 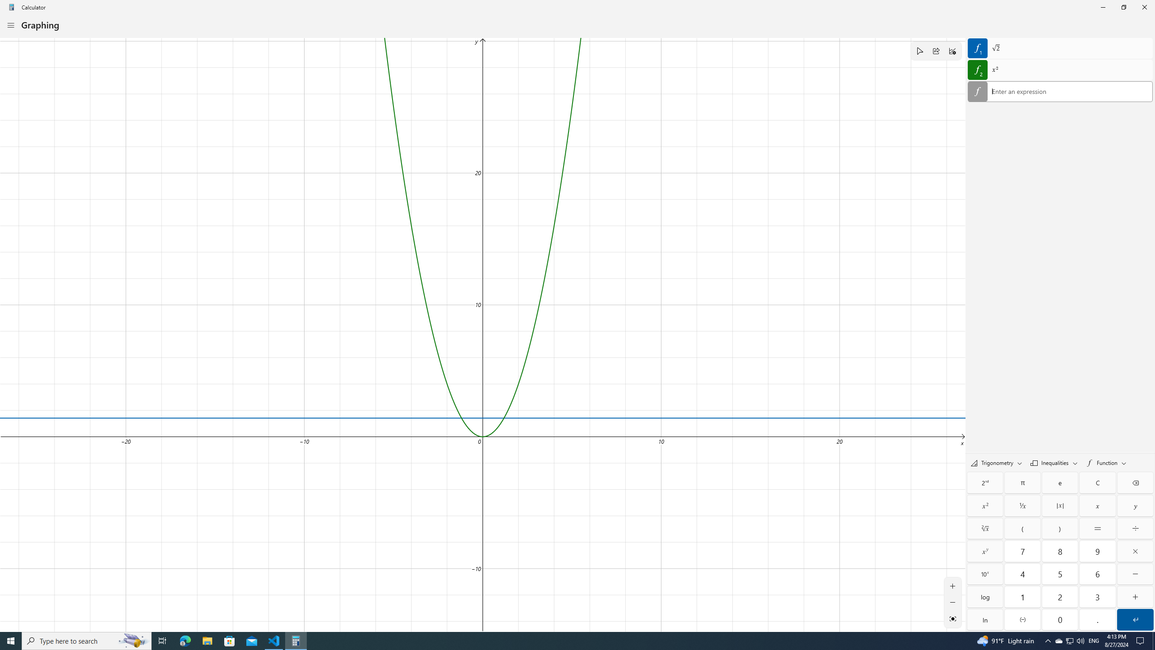 I want to click on 'Reciprocal', so click(x=1022, y=505).